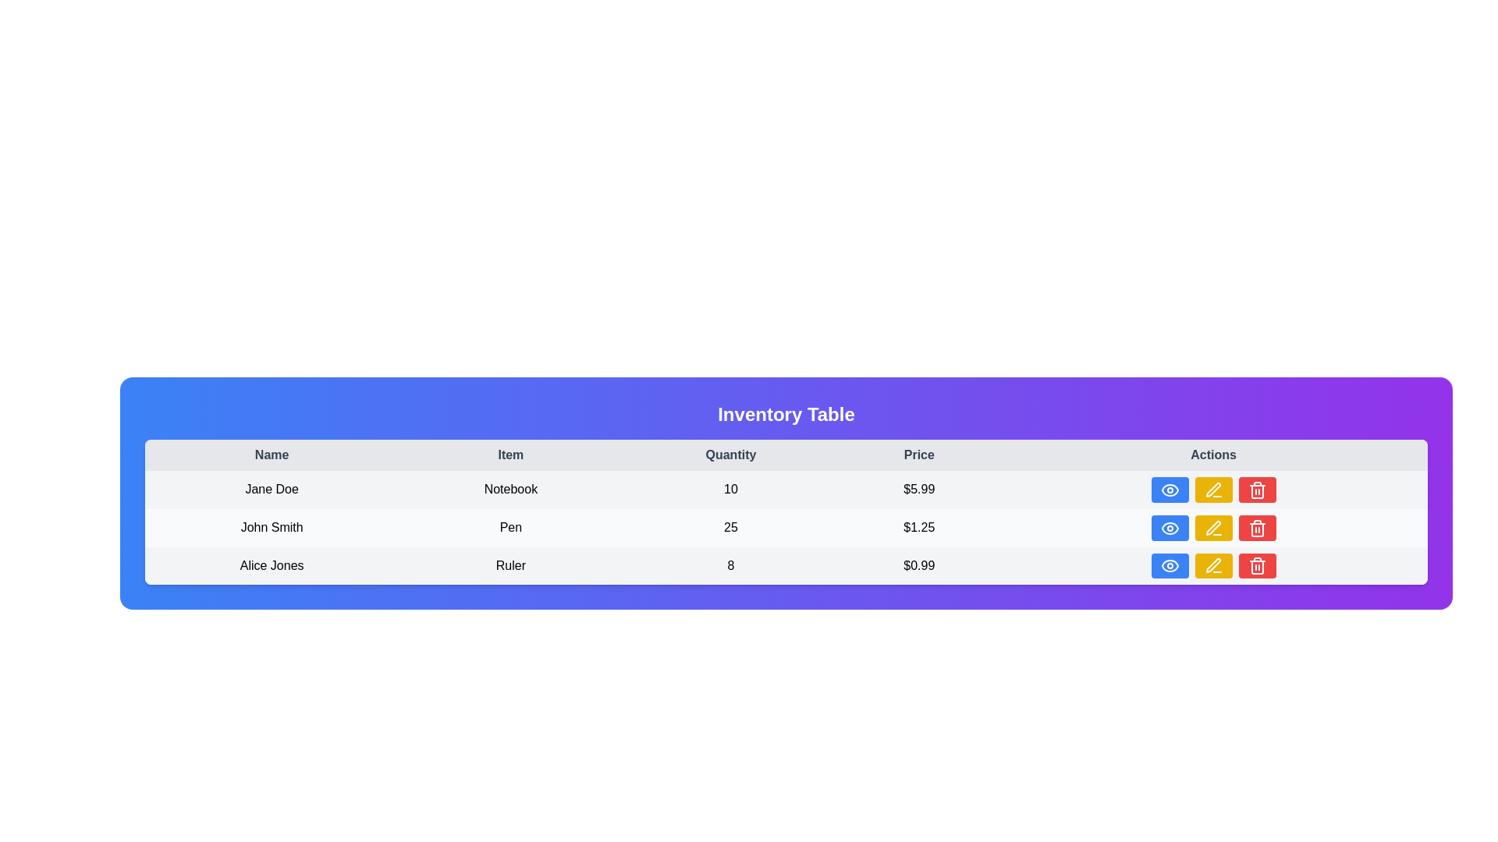 Image resolution: width=1498 pixels, height=842 pixels. Describe the element at coordinates (1212, 489) in the screenshot. I see `the edit button located in the second row of the 'Actions' column, next to the blue 'view' button and red 'delete' button, to initiate editing` at that location.